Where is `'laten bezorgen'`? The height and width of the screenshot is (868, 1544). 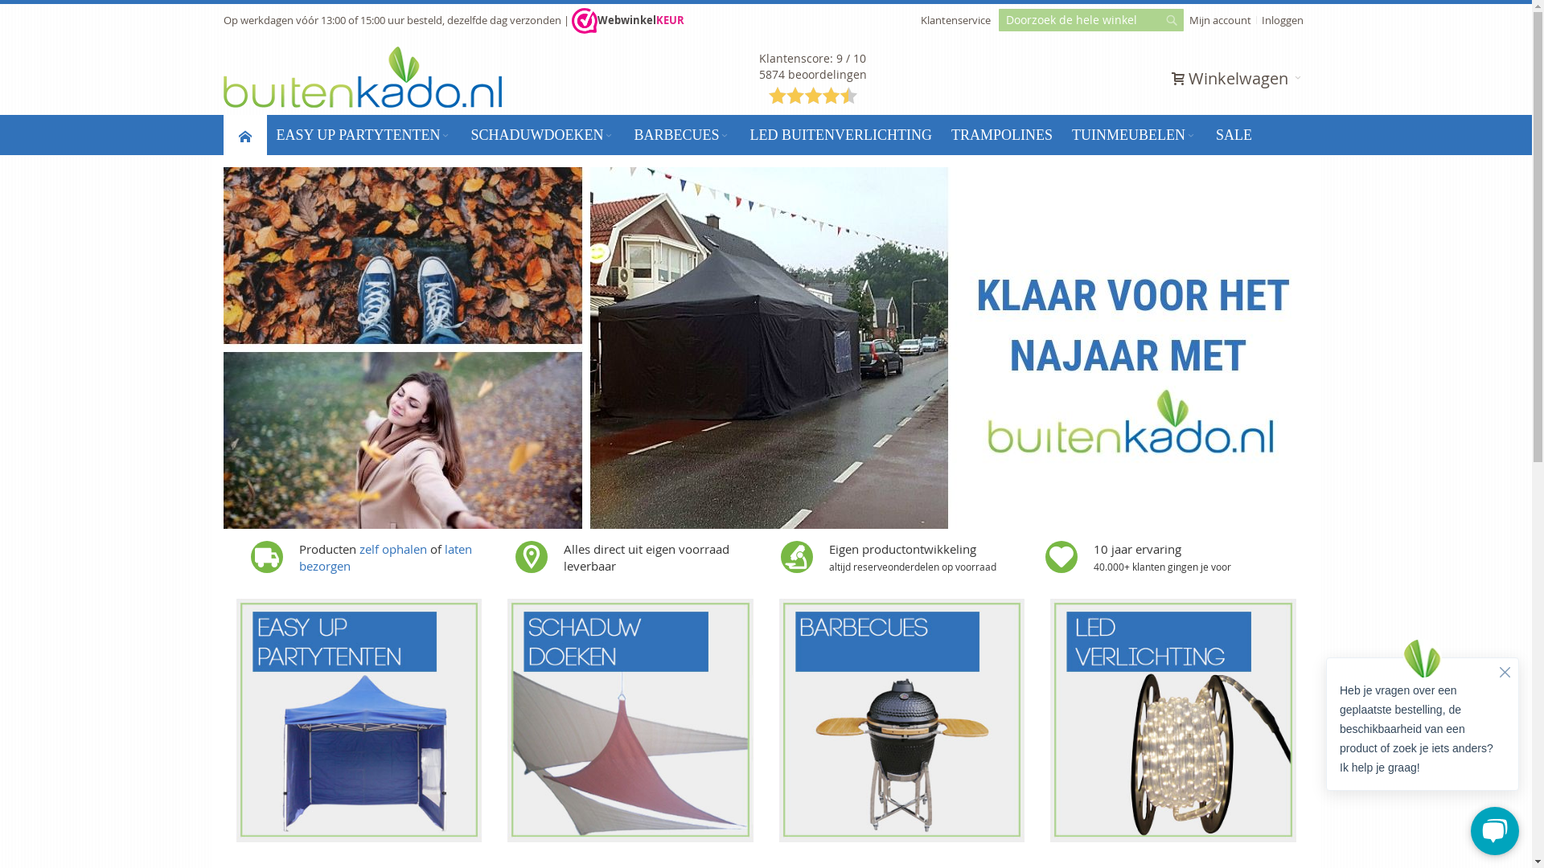 'laten bezorgen' is located at coordinates (384, 556).